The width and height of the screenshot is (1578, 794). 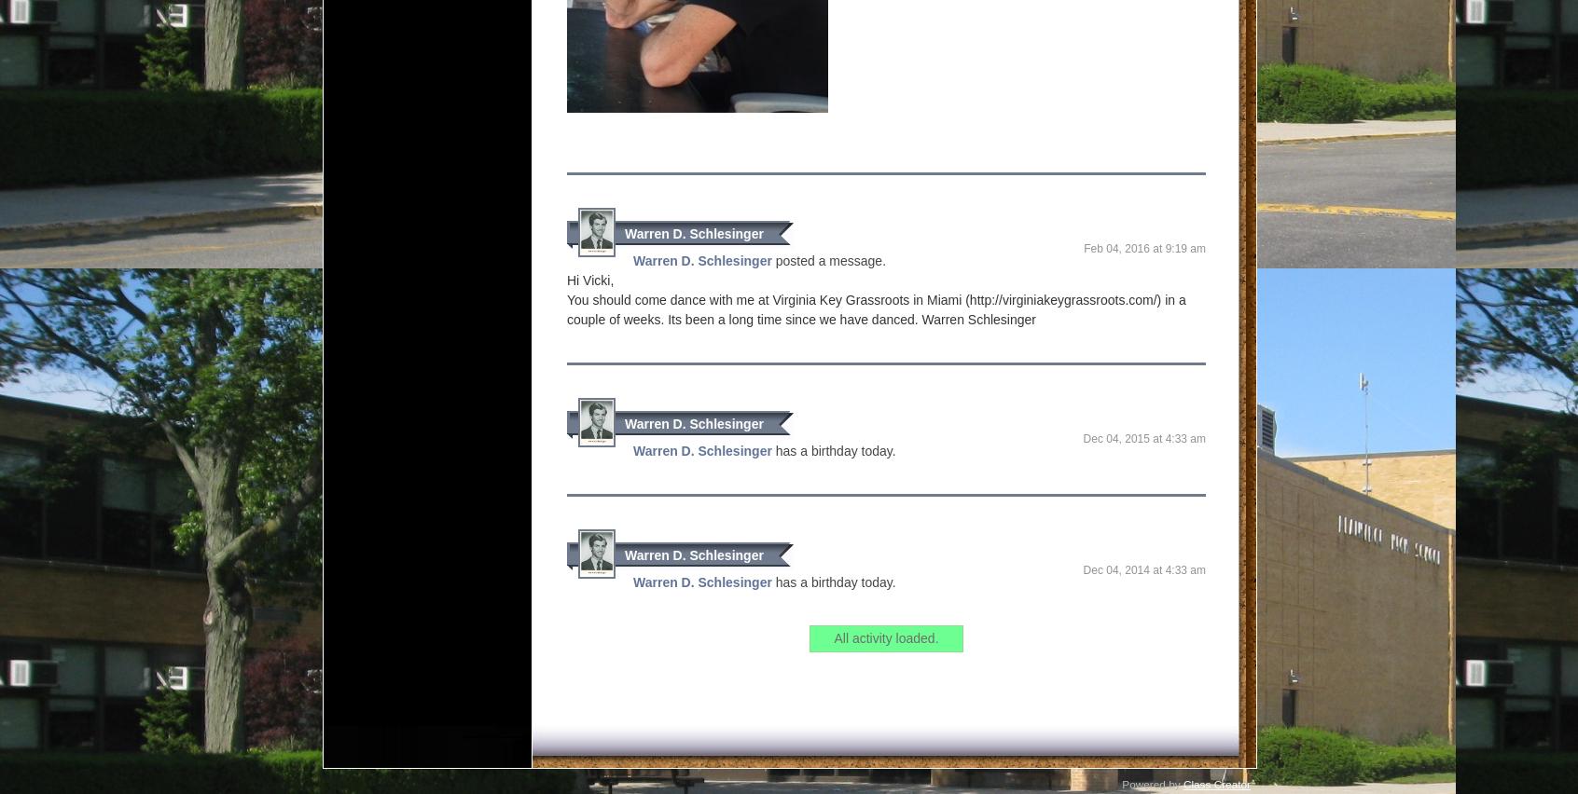 I want to click on 'posted a message.', so click(x=827, y=260).